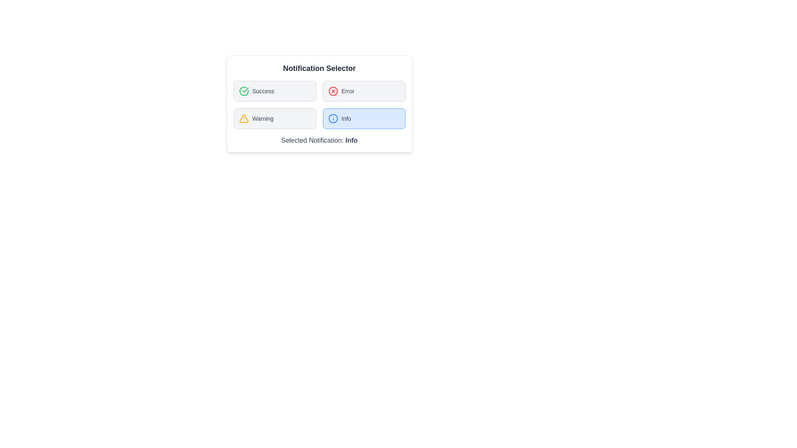 The width and height of the screenshot is (797, 448). What do you see at coordinates (364, 118) in the screenshot?
I see `the notification type Info by clicking its corresponding button` at bounding box center [364, 118].